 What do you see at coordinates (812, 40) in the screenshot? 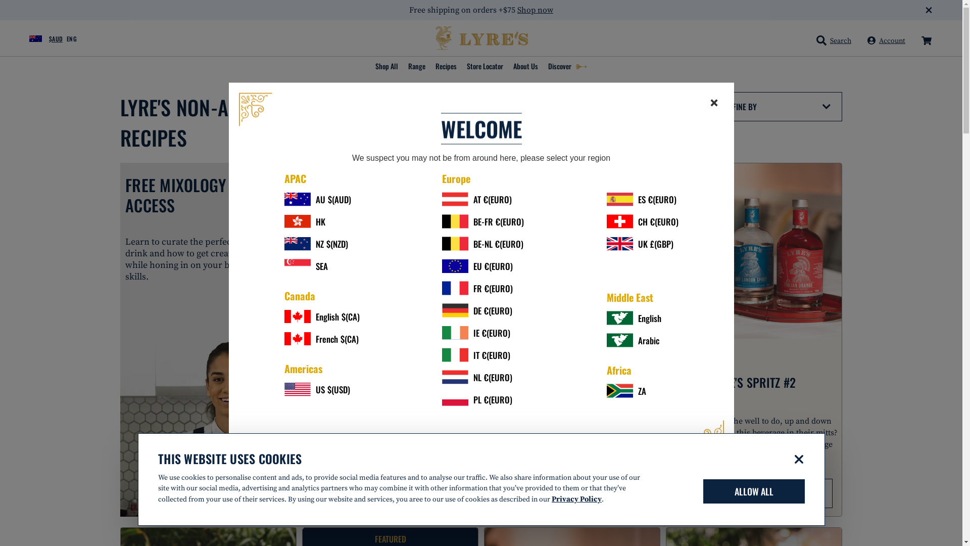
I see `'Search'` at bounding box center [812, 40].